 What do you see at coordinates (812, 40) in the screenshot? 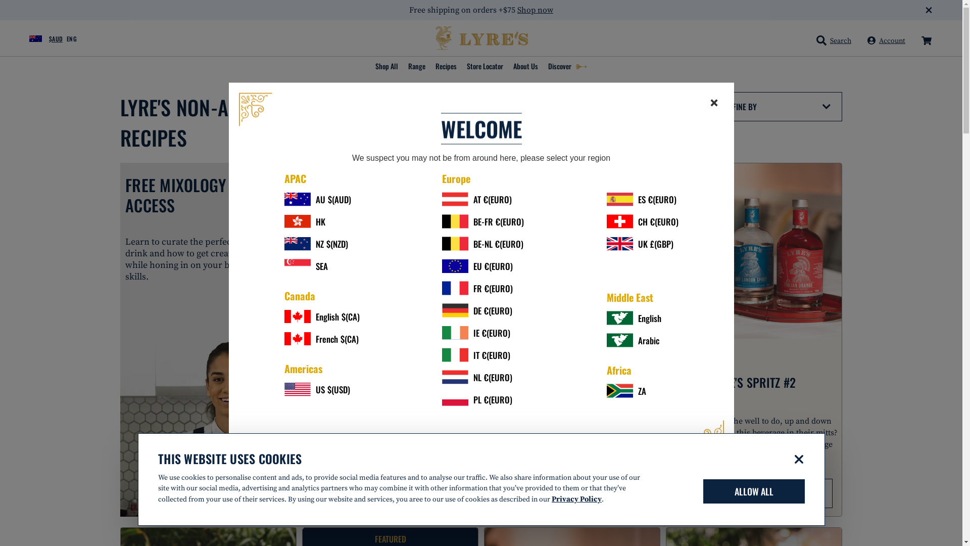
I see `'Search'` at bounding box center [812, 40].